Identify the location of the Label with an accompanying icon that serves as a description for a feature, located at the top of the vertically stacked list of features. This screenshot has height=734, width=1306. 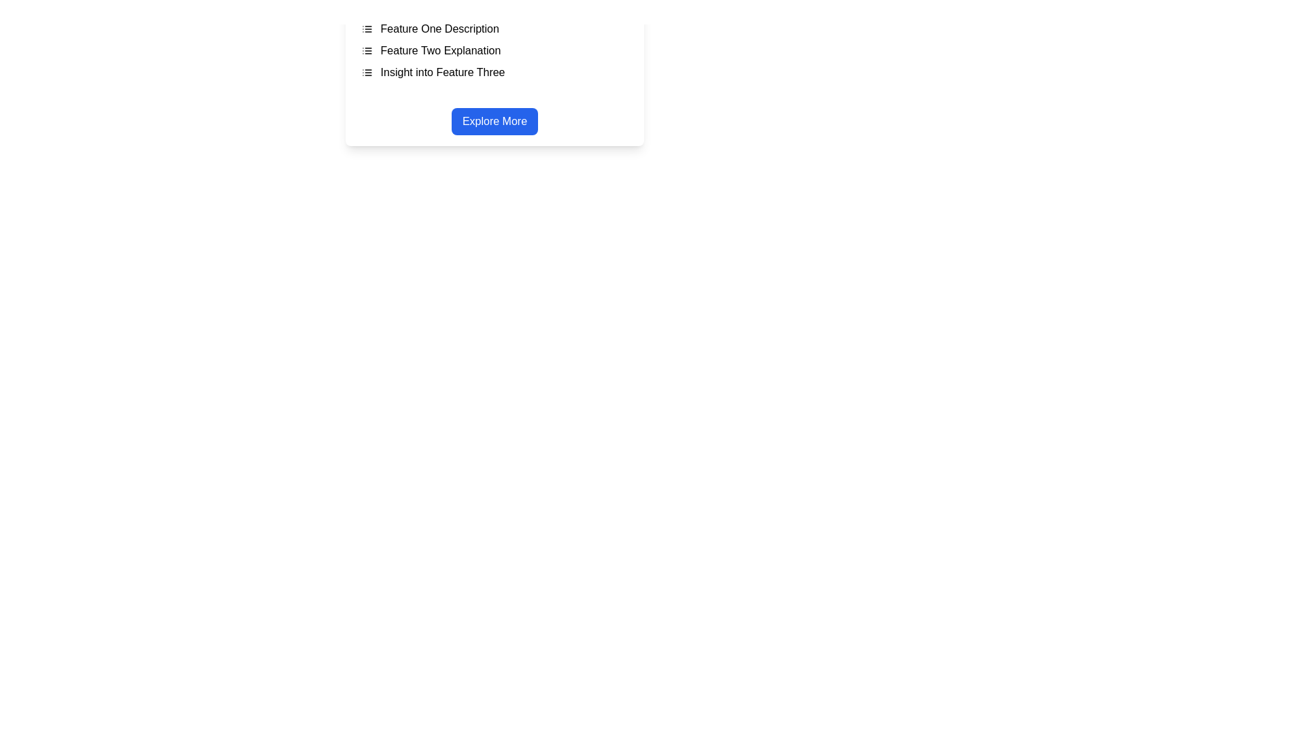
(494, 29).